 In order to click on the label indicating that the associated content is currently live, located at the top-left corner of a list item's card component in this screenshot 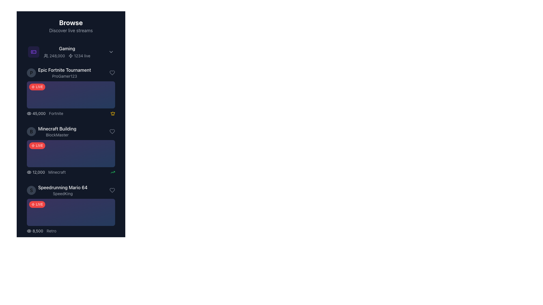, I will do `click(37, 87)`.